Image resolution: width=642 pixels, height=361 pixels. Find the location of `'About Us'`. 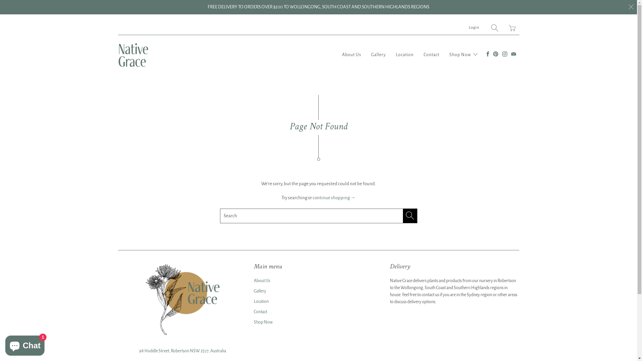

'About Us' is located at coordinates (351, 54).